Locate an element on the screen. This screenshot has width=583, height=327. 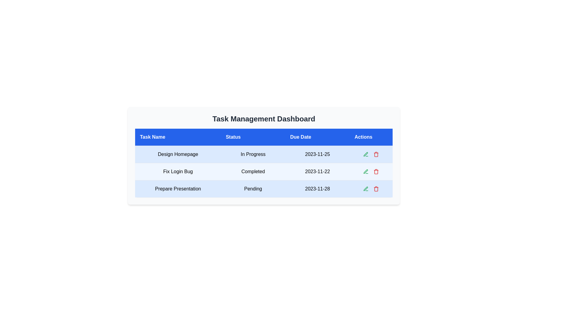
the first icon button in the 'Actions' column of the second row is located at coordinates (366, 154).